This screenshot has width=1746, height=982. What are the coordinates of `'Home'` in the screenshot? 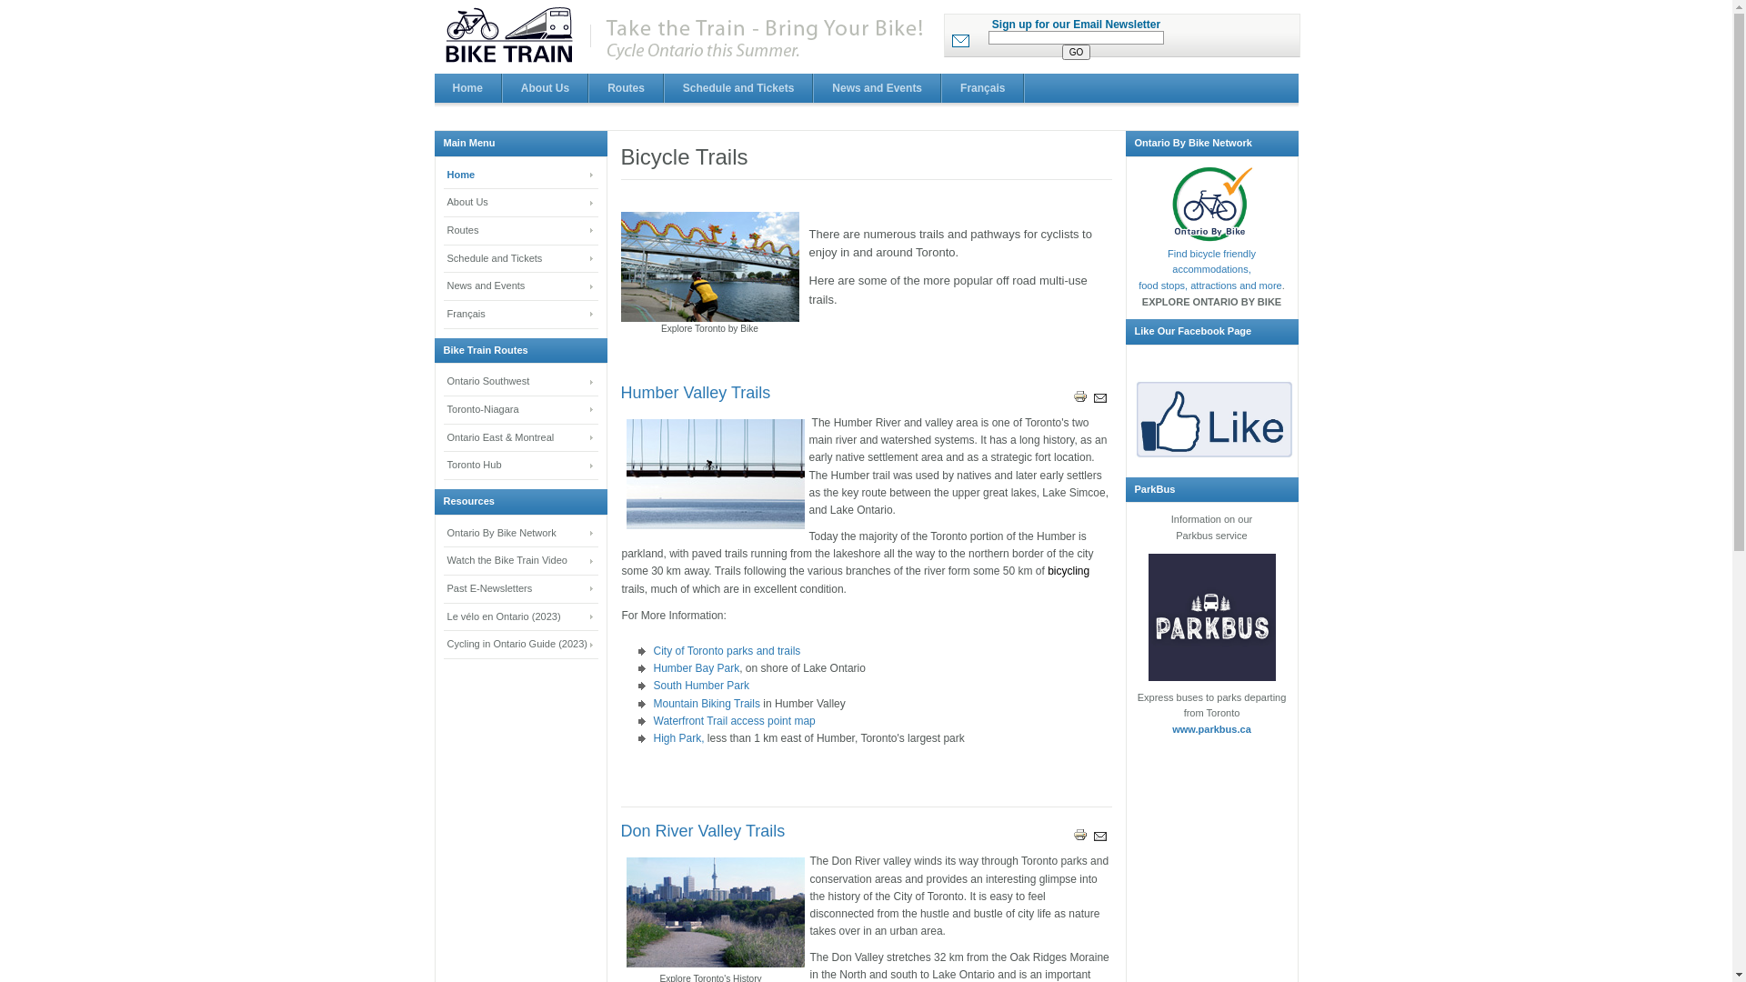 It's located at (519, 175).